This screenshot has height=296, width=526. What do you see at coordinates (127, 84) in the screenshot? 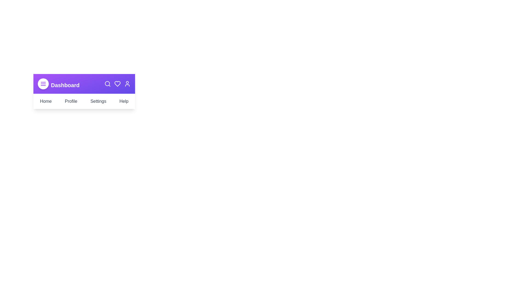
I see `the 'User' icon in the app bar` at bounding box center [127, 84].